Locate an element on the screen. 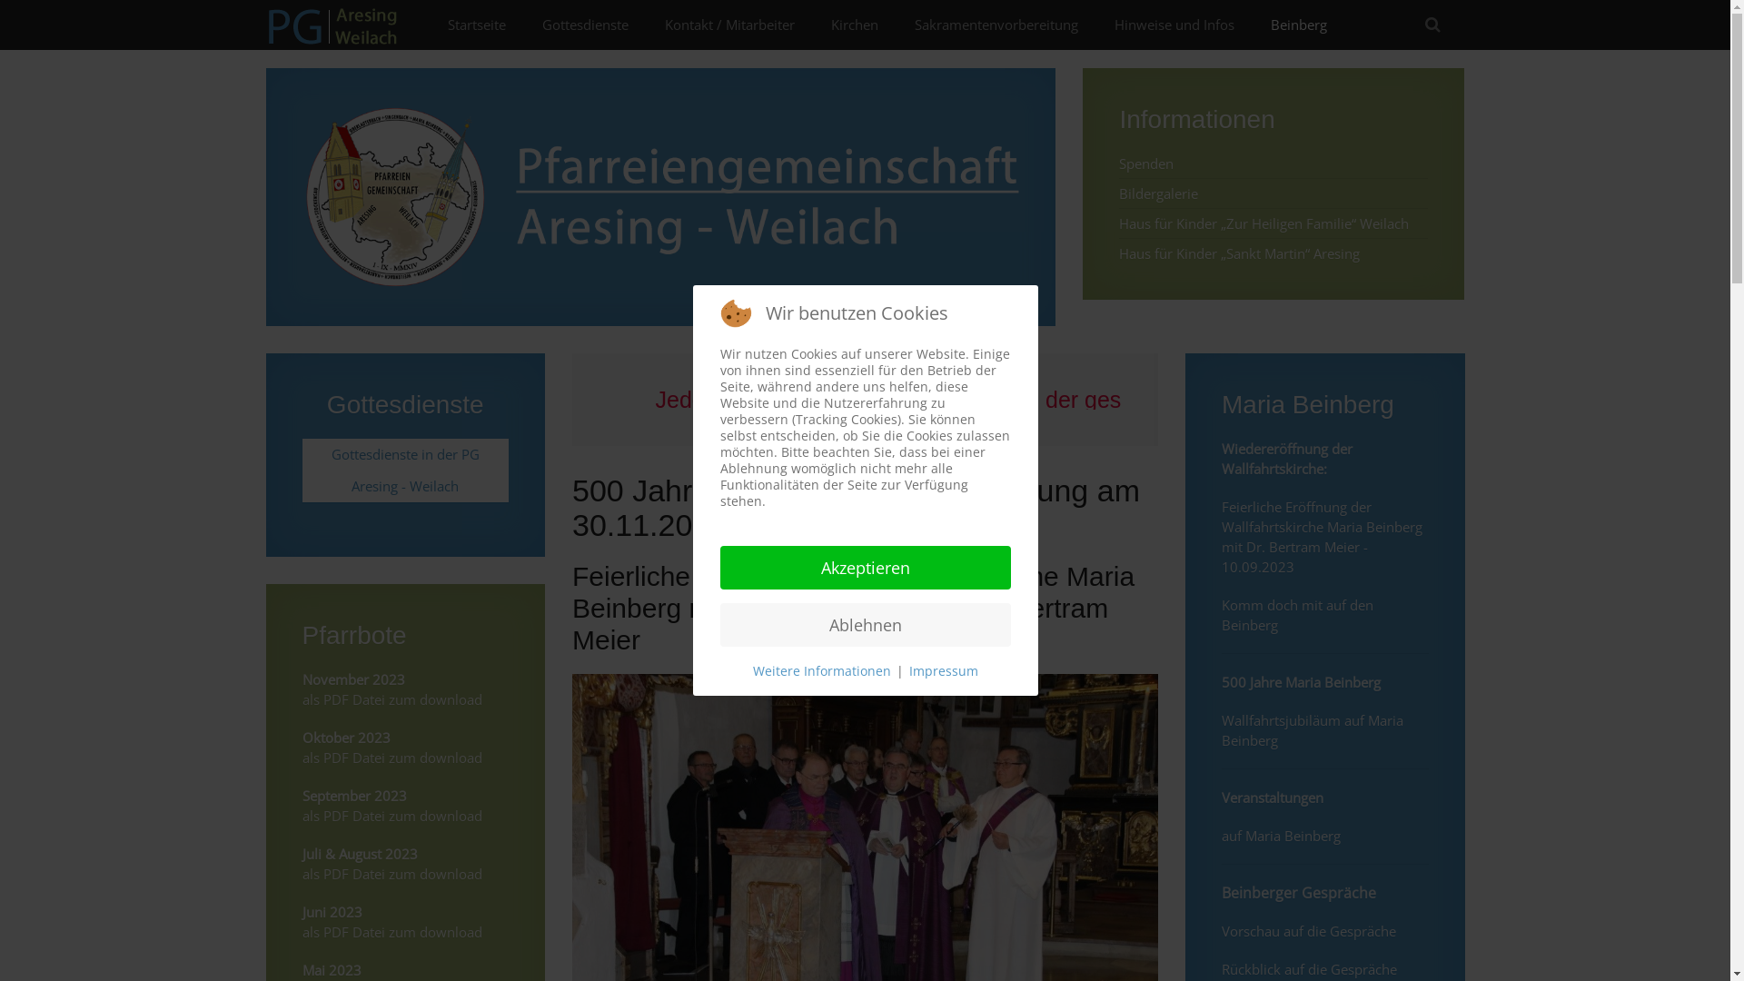 This screenshot has height=981, width=1744. 'Komm doch mit auf den Beinberg' is located at coordinates (1296, 614).